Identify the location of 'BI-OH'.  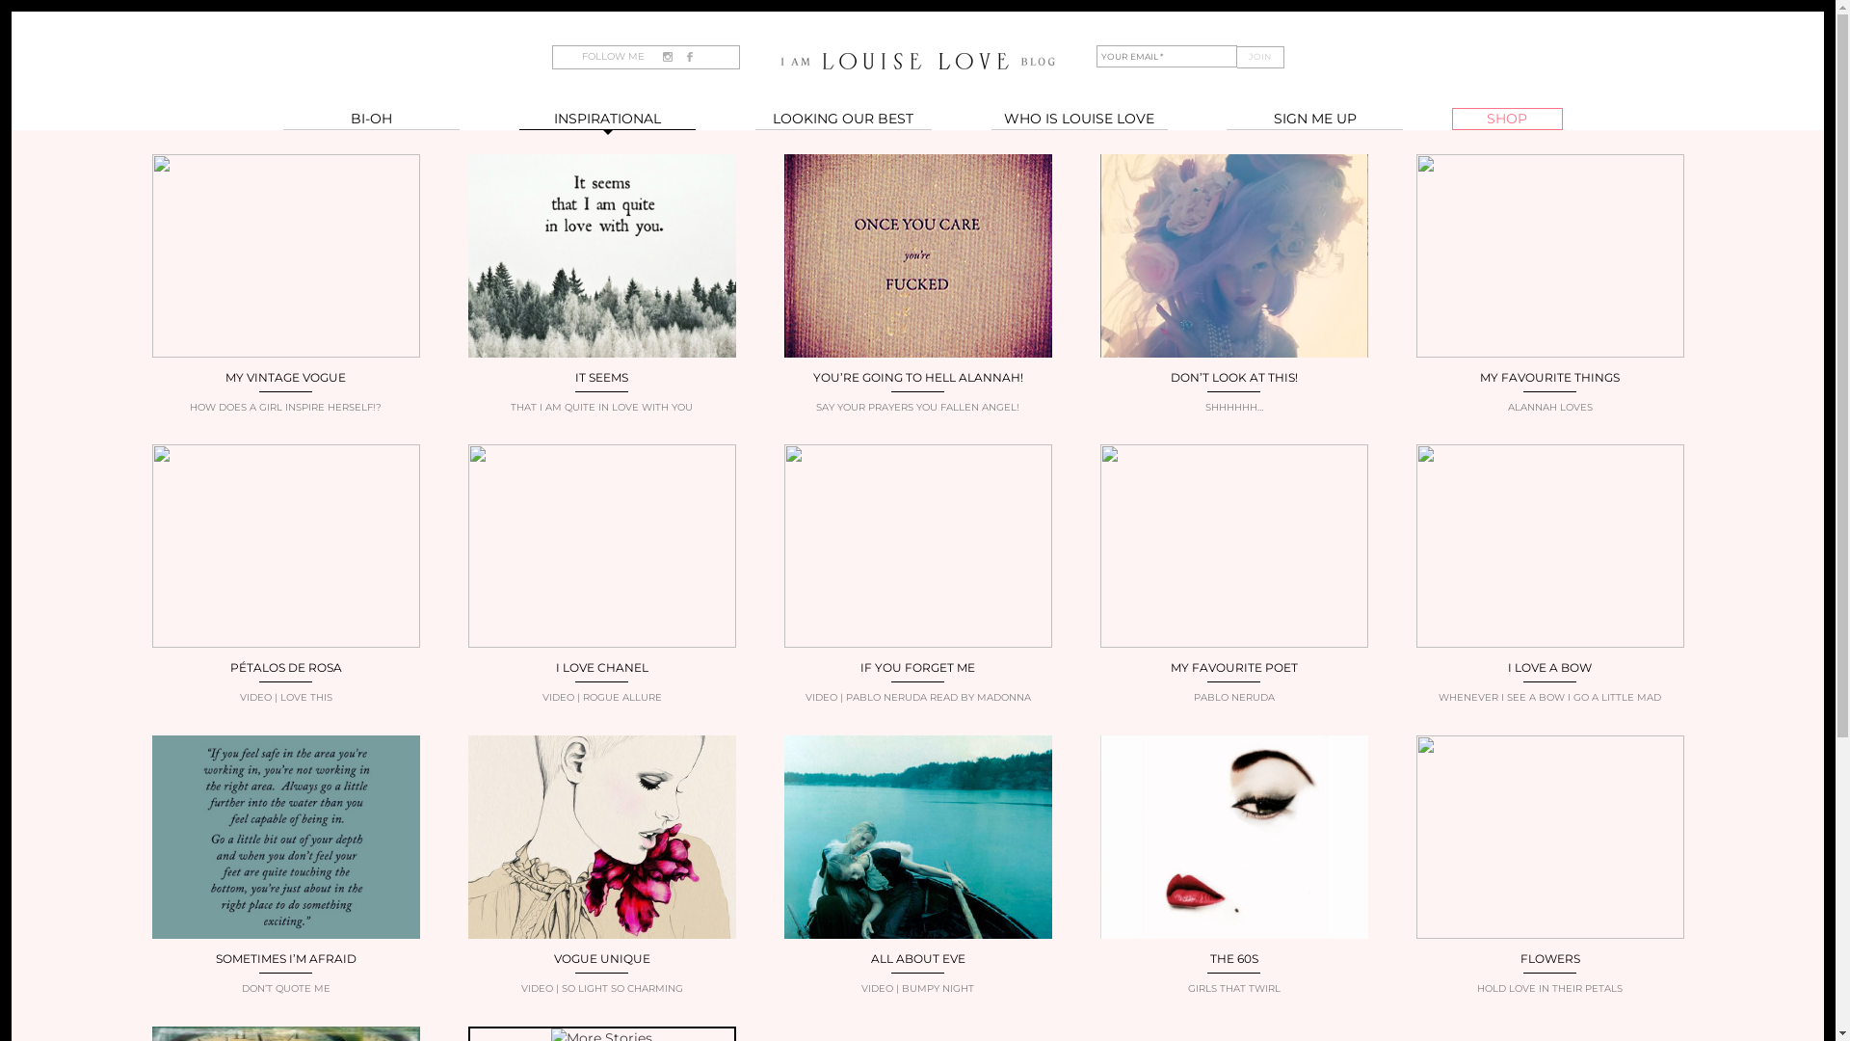
(371, 119).